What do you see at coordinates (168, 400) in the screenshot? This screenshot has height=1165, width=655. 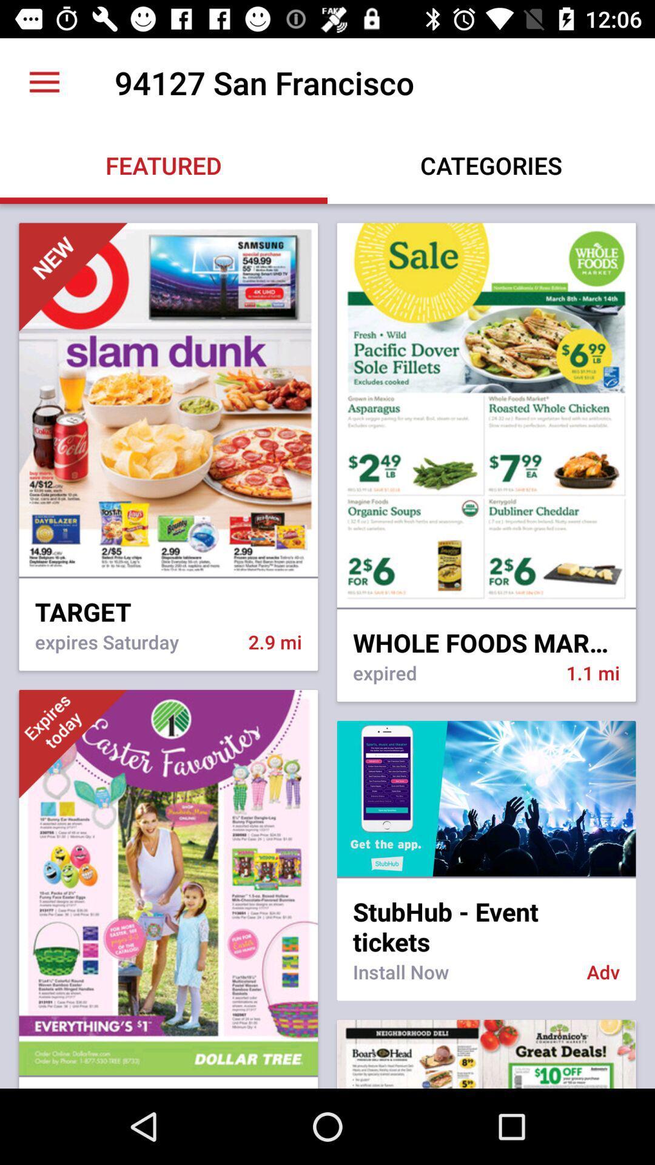 I see `the first image` at bounding box center [168, 400].